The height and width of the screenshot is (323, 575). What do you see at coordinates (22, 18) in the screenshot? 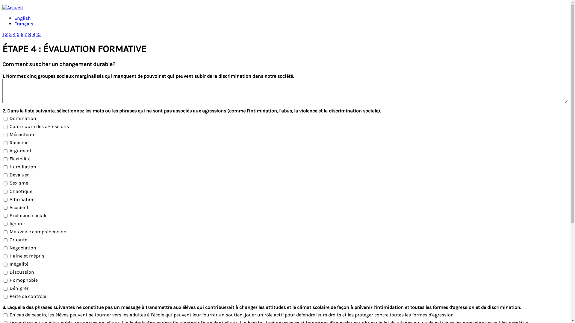
I see `'English'` at bounding box center [22, 18].